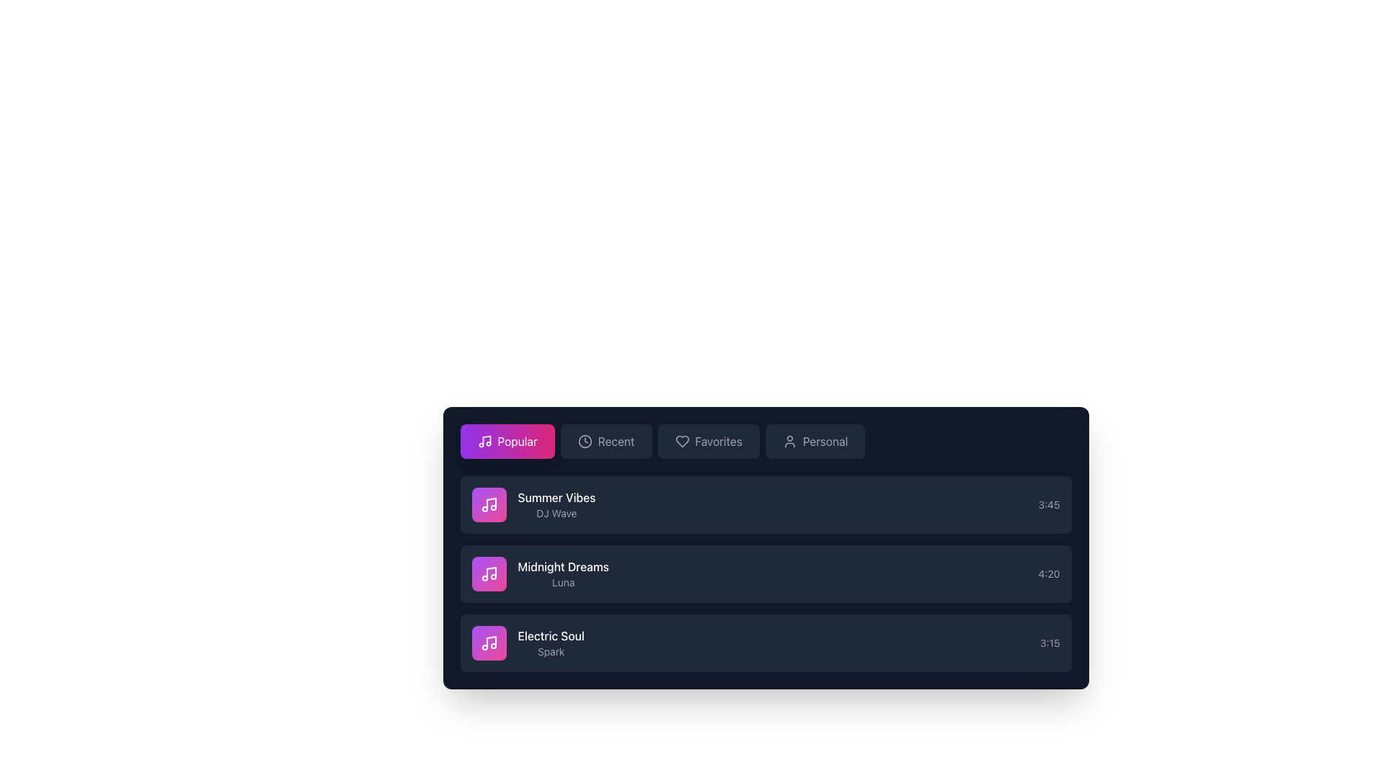  Describe the element at coordinates (765, 643) in the screenshot. I see `the third item` at that location.